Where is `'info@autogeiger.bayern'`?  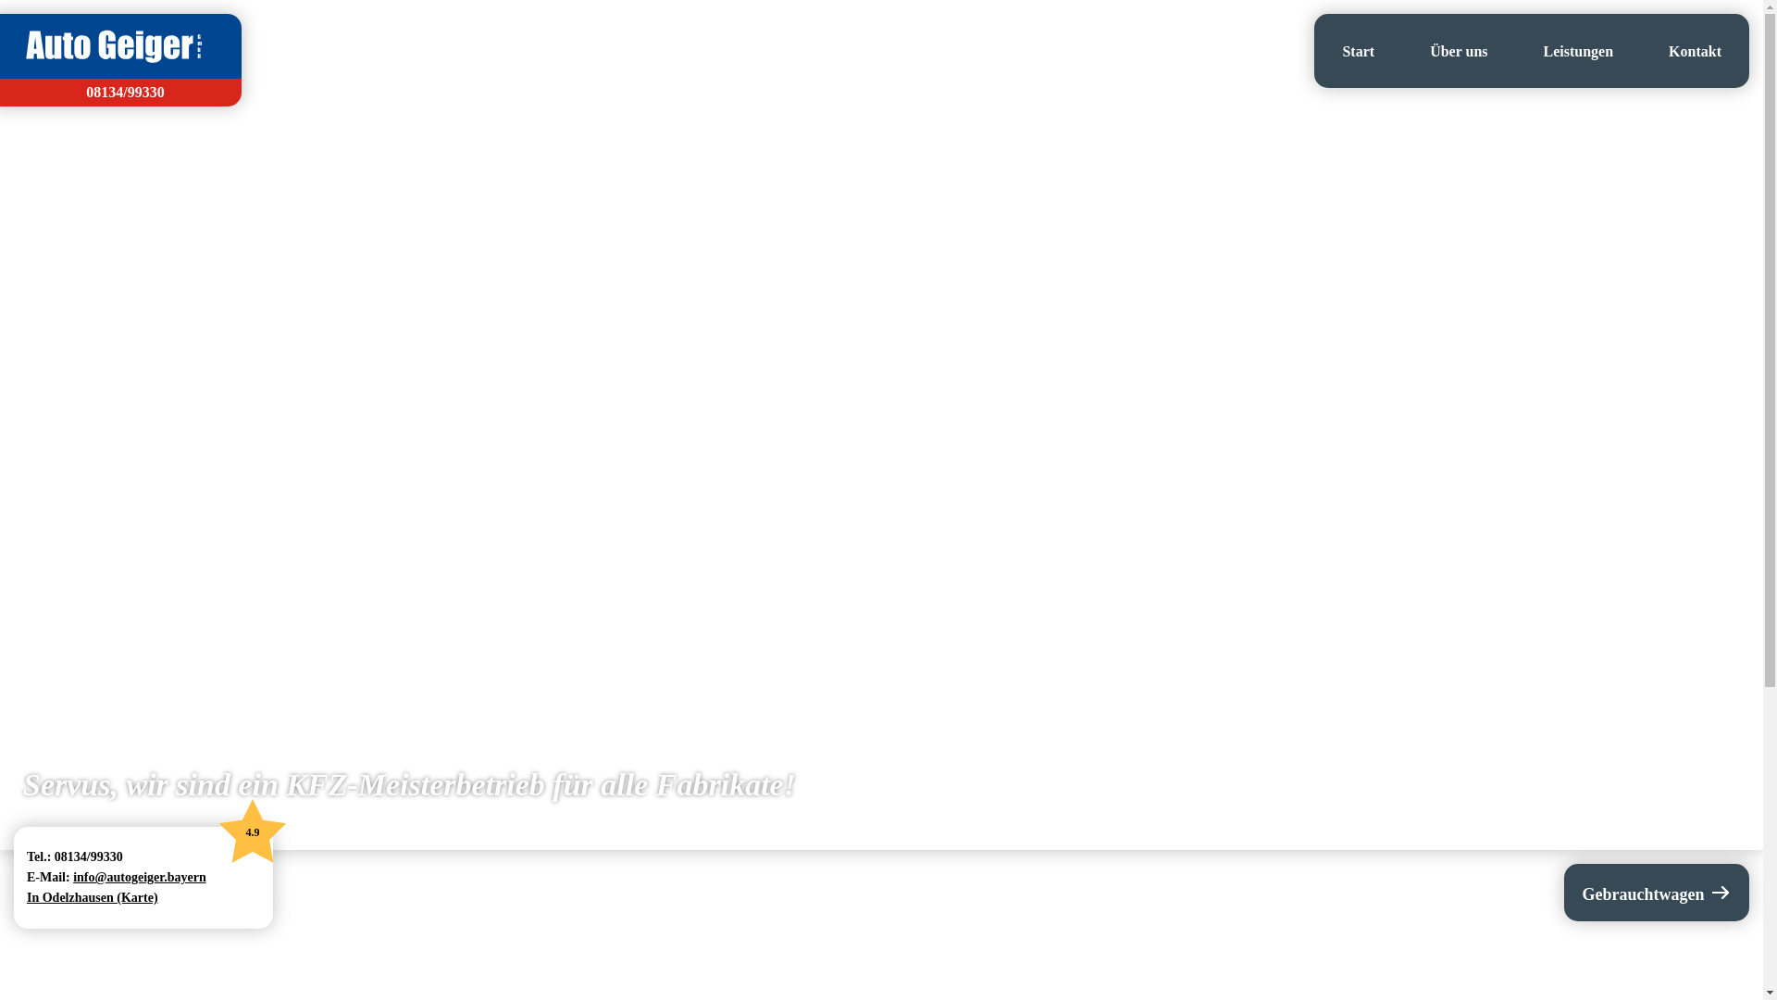 'info@autogeiger.bayern' is located at coordinates (138, 876).